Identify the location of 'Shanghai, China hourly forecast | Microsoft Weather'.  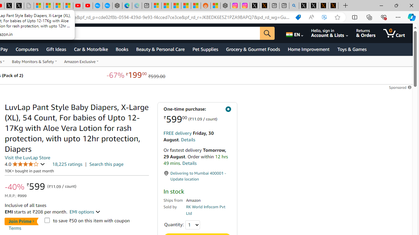
(176, 6).